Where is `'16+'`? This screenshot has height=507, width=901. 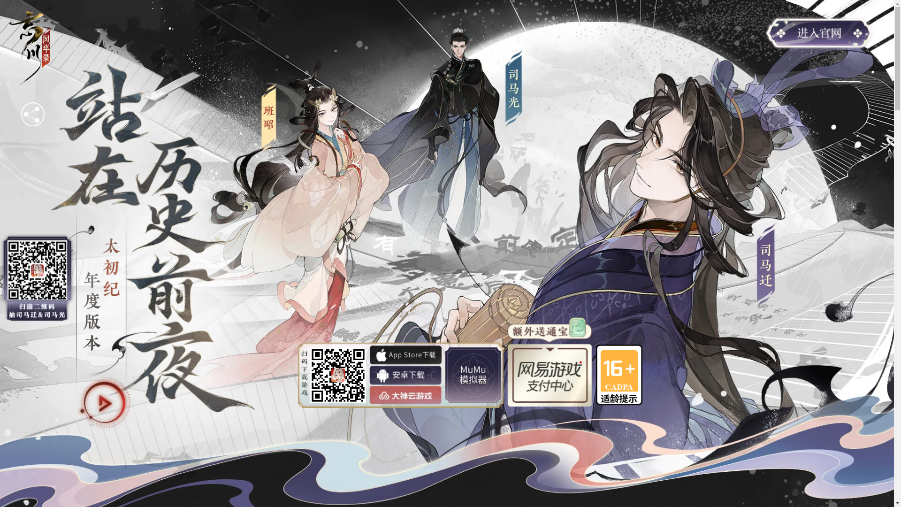
'16+' is located at coordinates (596, 374).